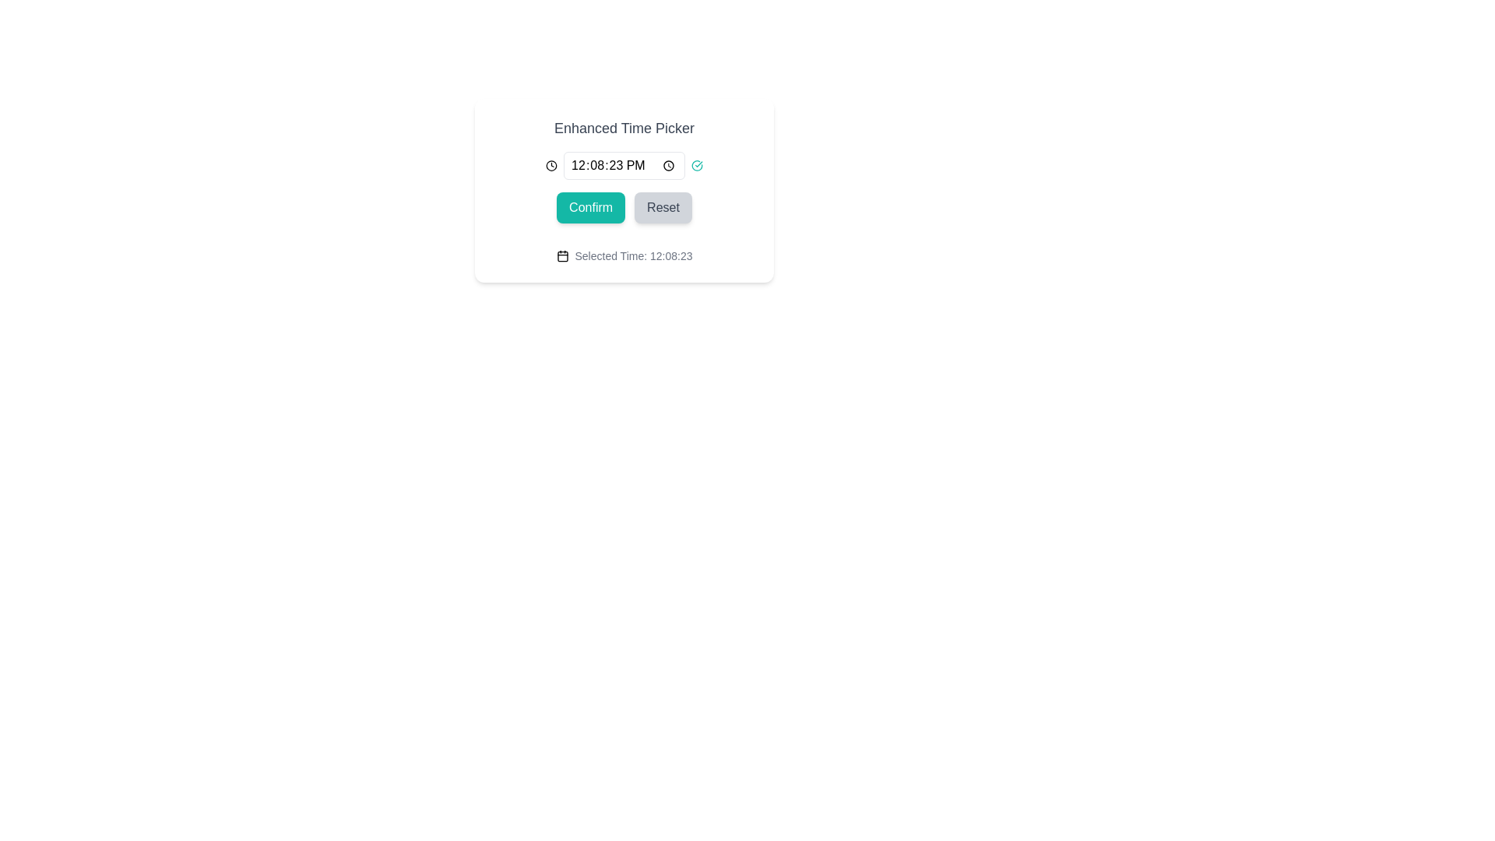  What do you see at coordinates (624, 190) in the screenshot?
I see `the rectangular interactive button with a teal background and white 'Confirm' text centered within it, located directly below the time input field in the 'Enhanced Time Picker' dialog` at bounding box center [624, 190].